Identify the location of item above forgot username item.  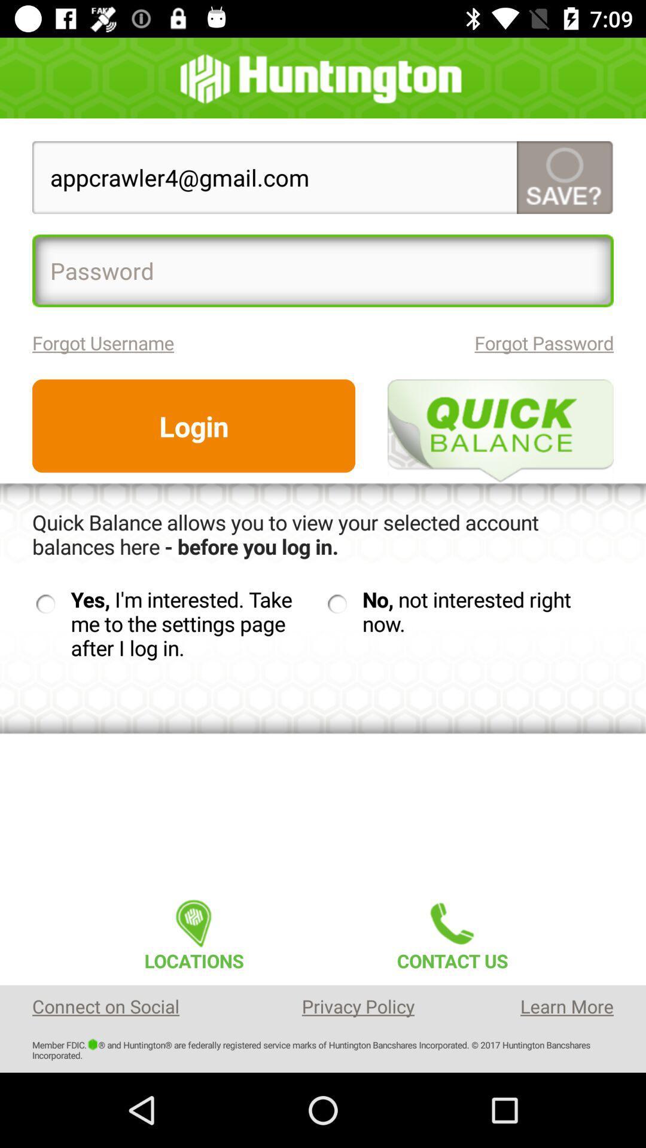
(323, 270).